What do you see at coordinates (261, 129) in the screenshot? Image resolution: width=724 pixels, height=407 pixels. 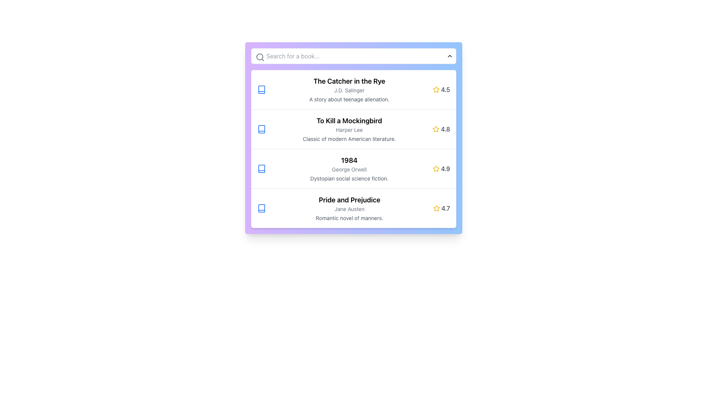 I see `the book icon with a blue outline located to the left of the text 'To Kill a Mockingbird' in the second row of the list` at bounding box center [261, 129].